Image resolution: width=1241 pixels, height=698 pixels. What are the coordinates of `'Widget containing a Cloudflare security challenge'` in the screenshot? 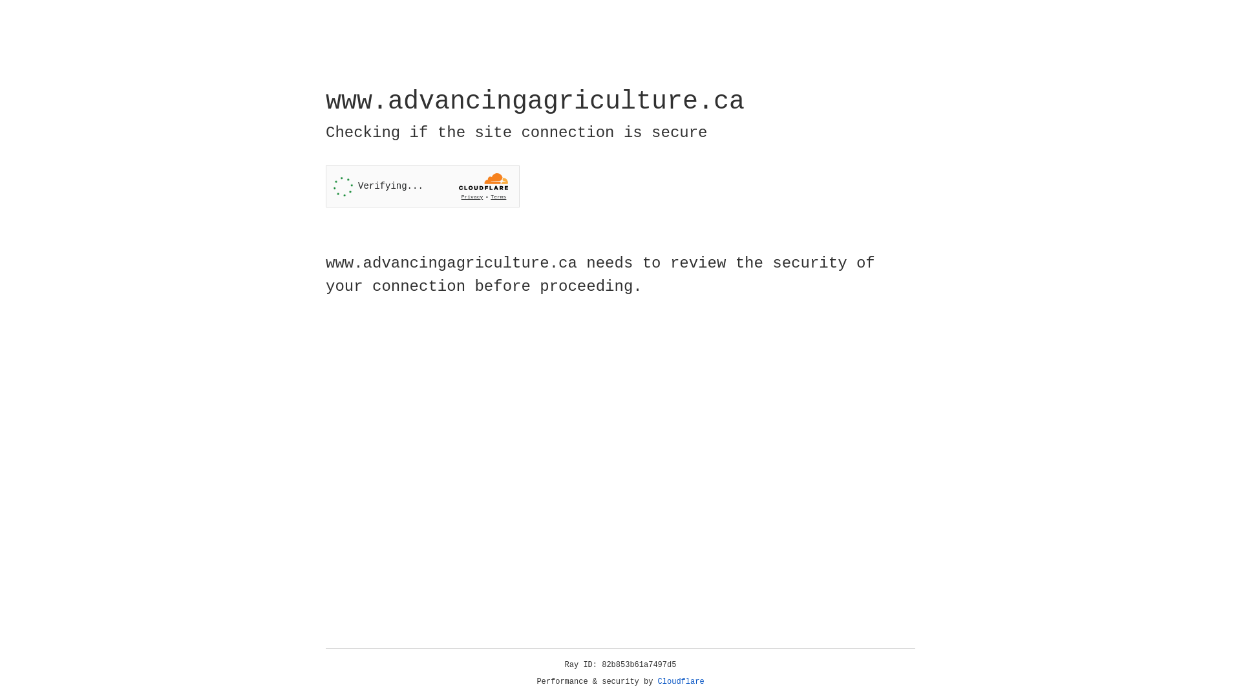 It's located at (422, 186).